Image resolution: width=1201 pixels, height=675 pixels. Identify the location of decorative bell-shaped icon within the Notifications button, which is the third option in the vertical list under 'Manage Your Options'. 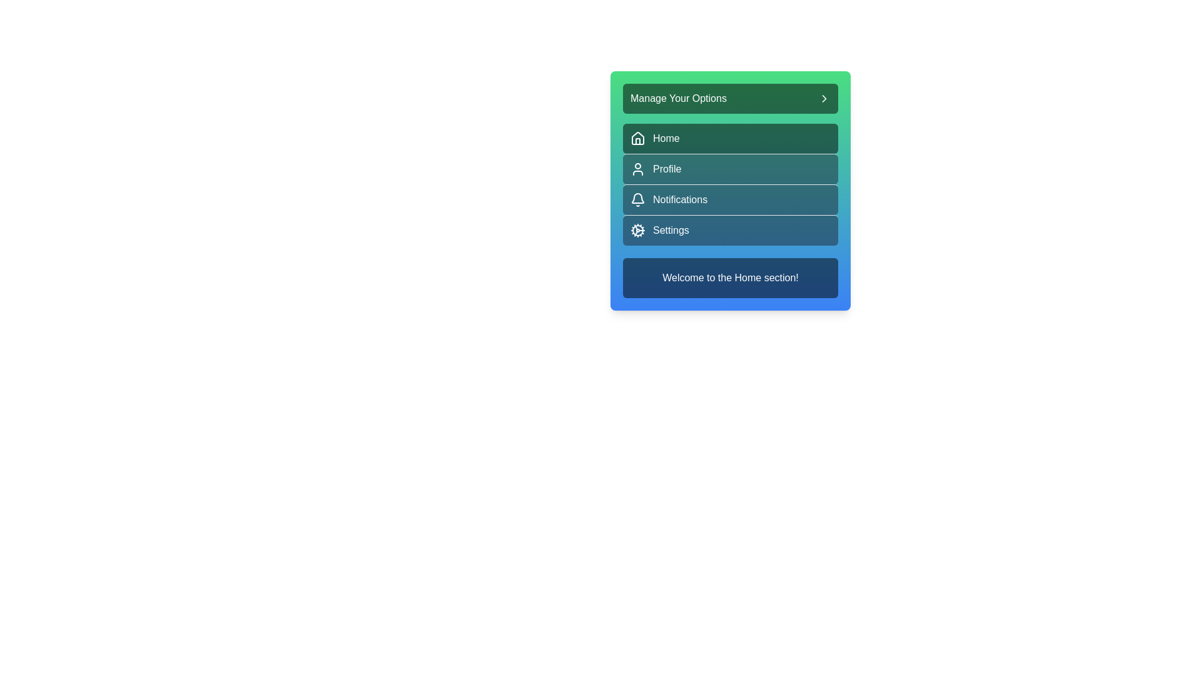
(637, 197).